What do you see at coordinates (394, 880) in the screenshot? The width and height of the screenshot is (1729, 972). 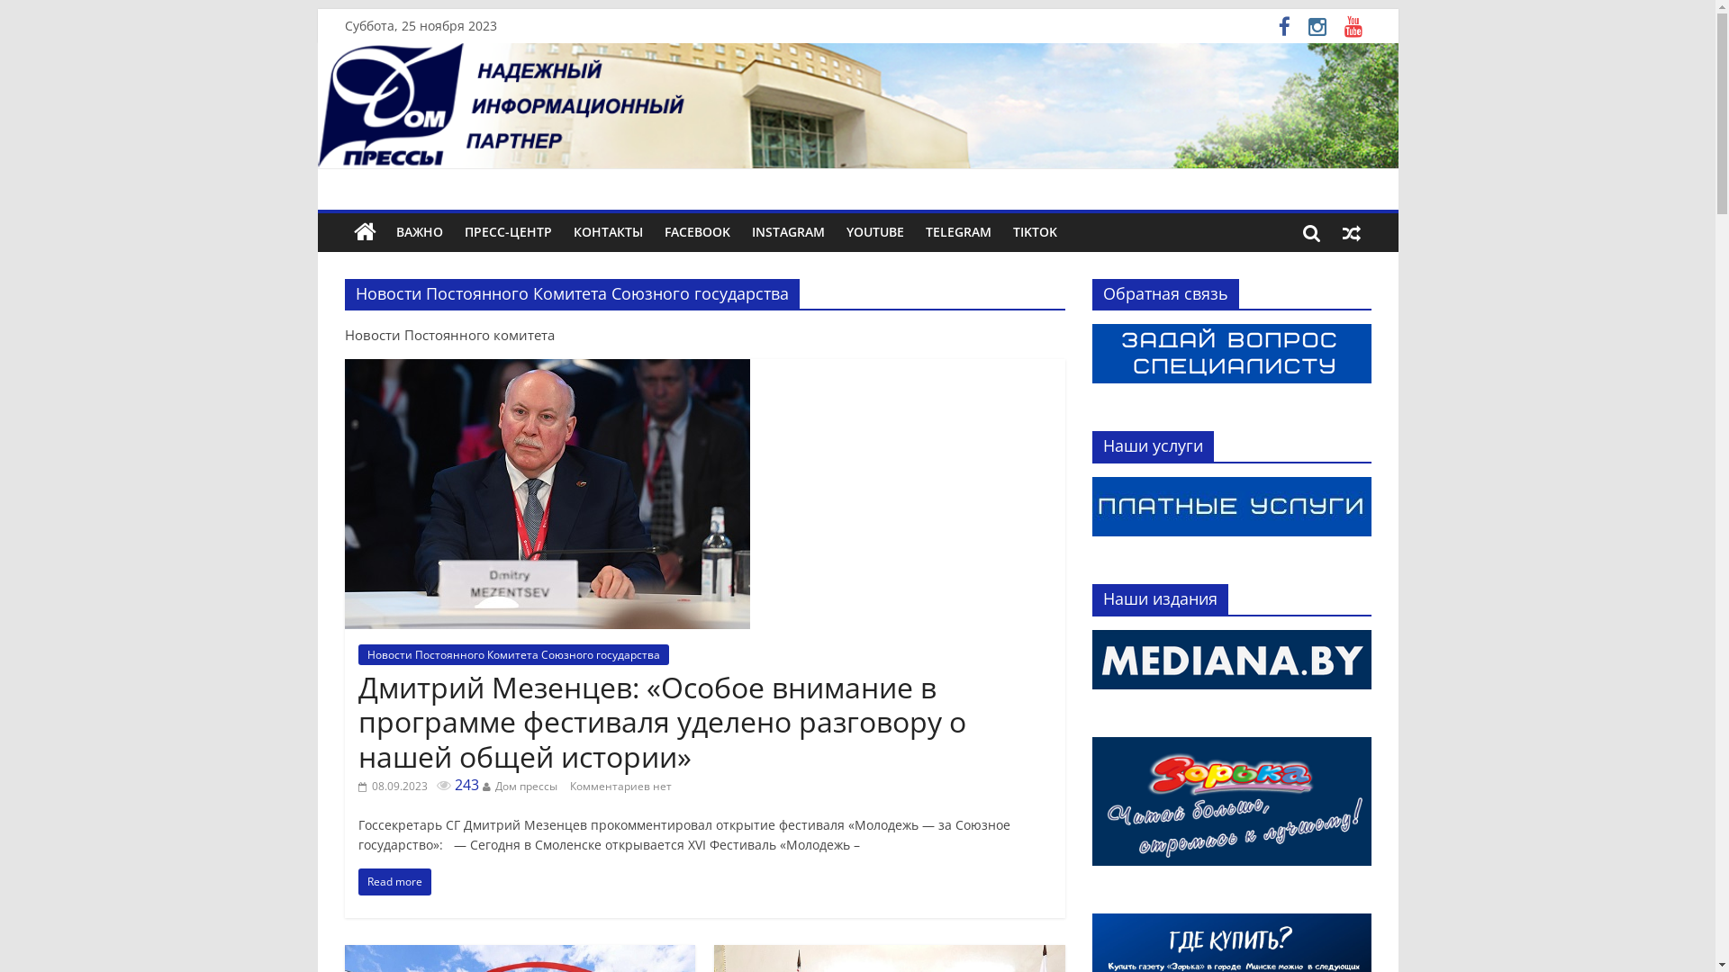 I see `'Read more'` at bounding box center [394, 880].